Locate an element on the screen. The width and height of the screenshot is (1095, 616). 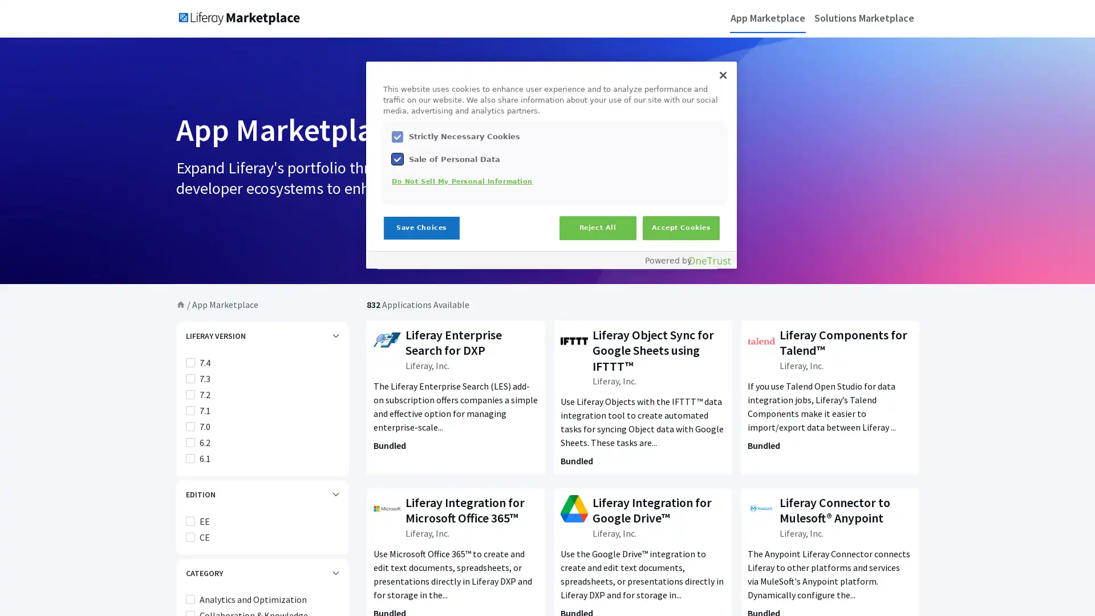
Do Not Sell My Personal Information is located at coordinates (462, 181).